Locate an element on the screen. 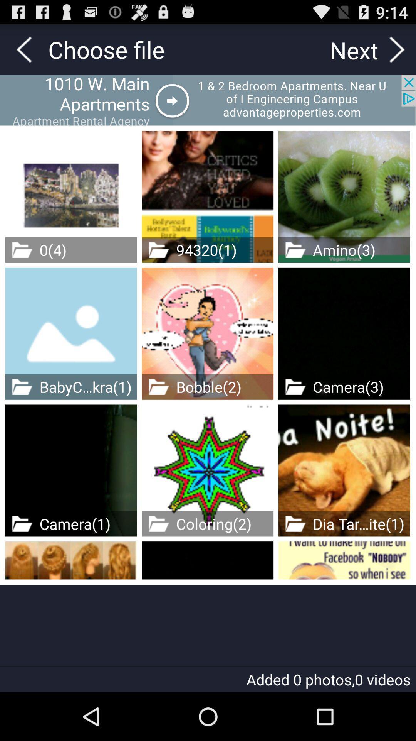  the arrow_backward icon is located at coordinates (23, 52).